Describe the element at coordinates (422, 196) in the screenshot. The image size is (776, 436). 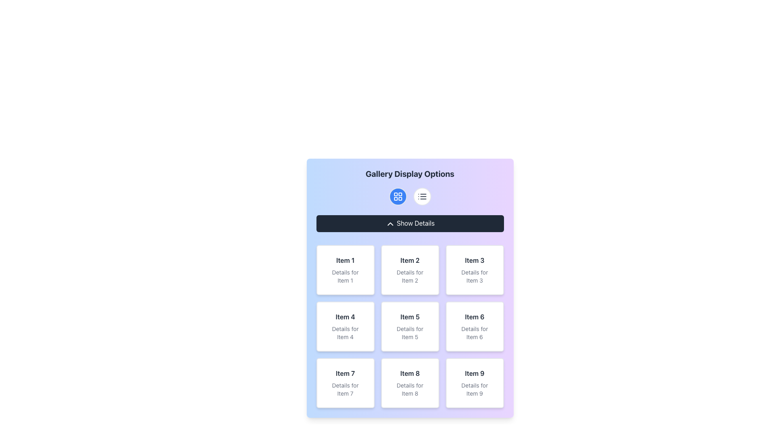
I see `the circular button with a white background and gray border that contains an icon of three horizontal lines, located to the right of the grid-icon button, to switch view display` at that location.